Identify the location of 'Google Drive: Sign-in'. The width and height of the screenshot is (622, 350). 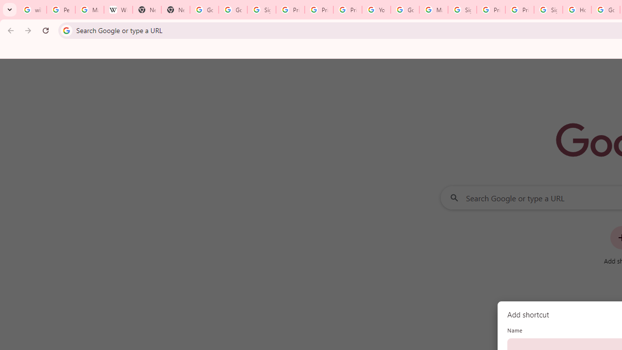
(233, 10).